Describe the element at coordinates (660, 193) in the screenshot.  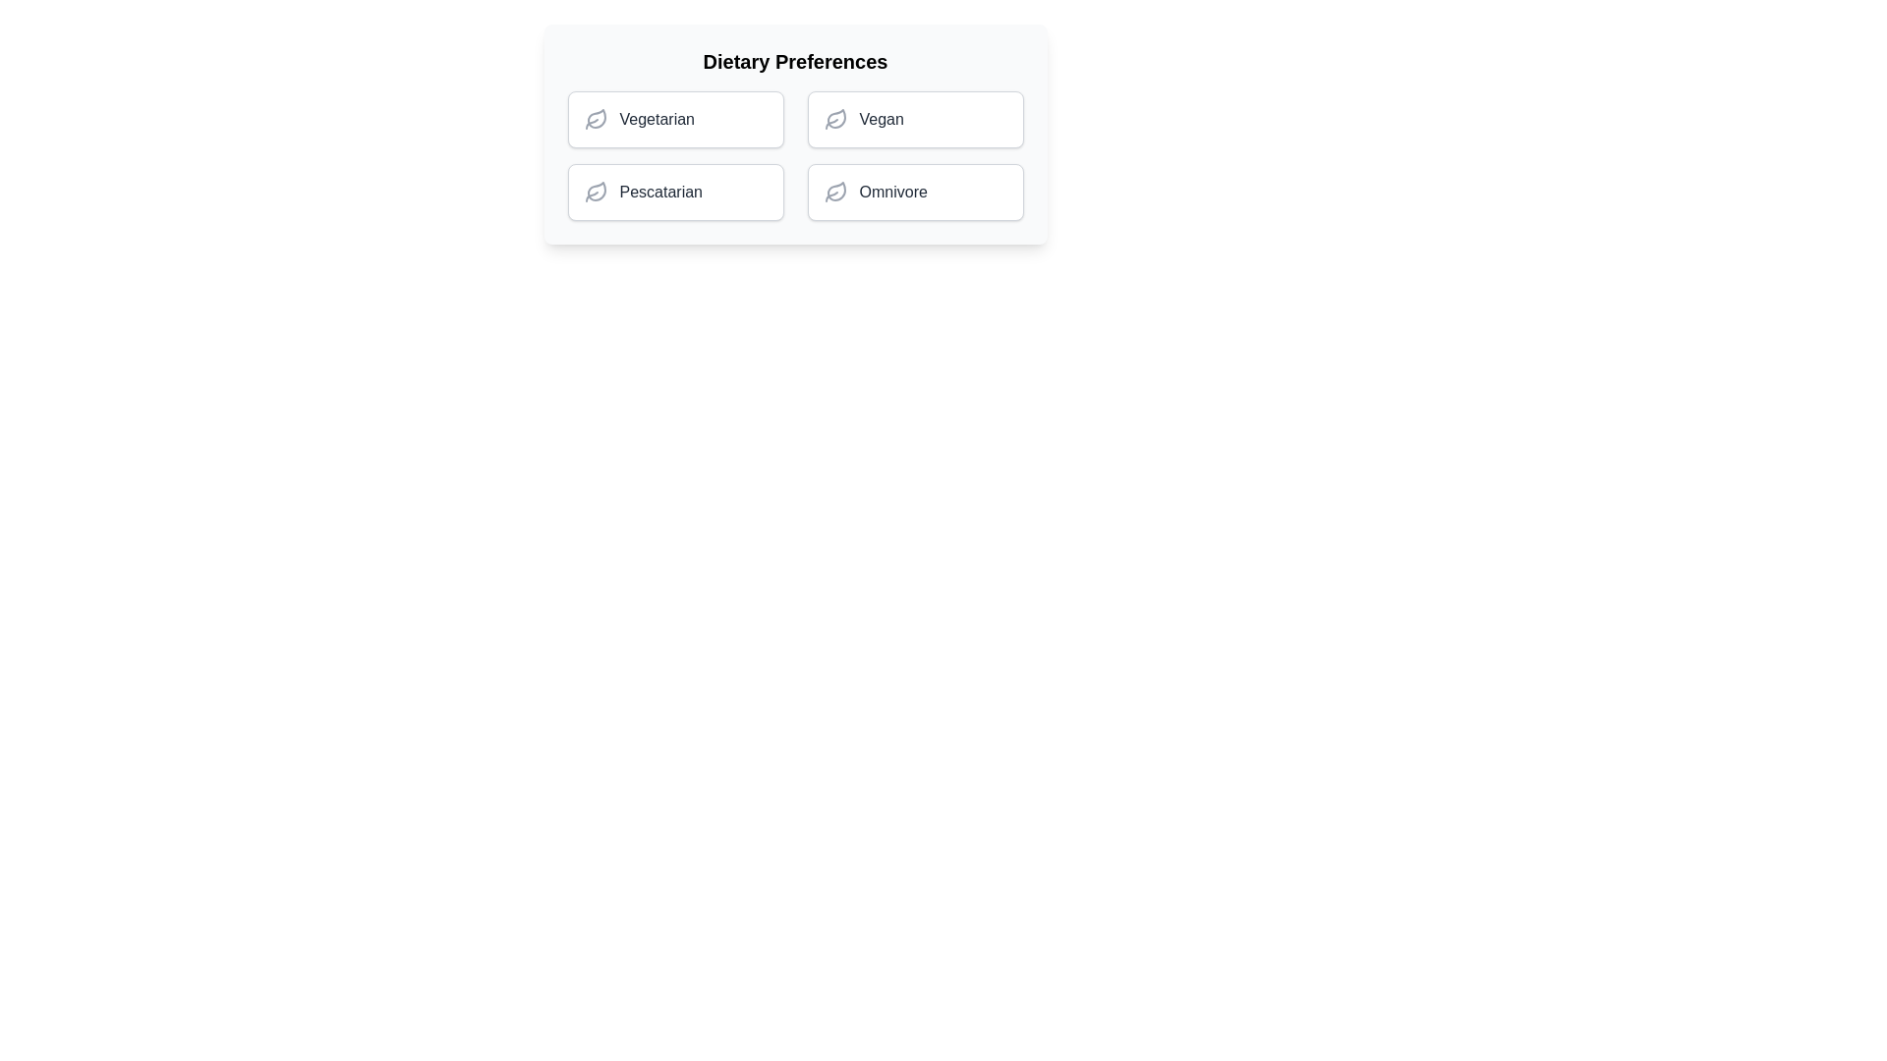
I see `text label indicating the dietary preference 'Pescatarian' within its button, which is the first in the second row of dietary options` at that location.